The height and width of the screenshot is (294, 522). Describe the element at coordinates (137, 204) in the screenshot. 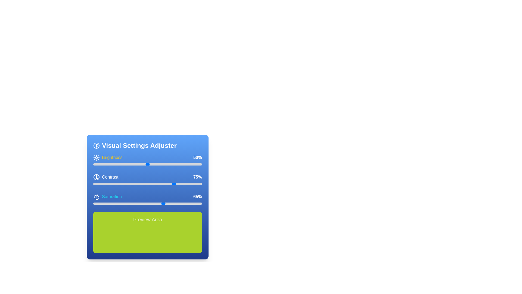

I see `saturation` at that location.